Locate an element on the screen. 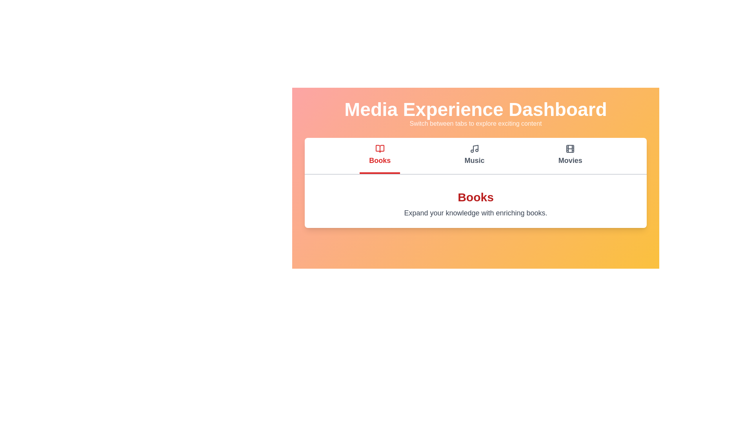 Image resolution: width=753 pixels, height=423 pixels. the Movies tab by clicking on its button is located at coordinates (570, 155).